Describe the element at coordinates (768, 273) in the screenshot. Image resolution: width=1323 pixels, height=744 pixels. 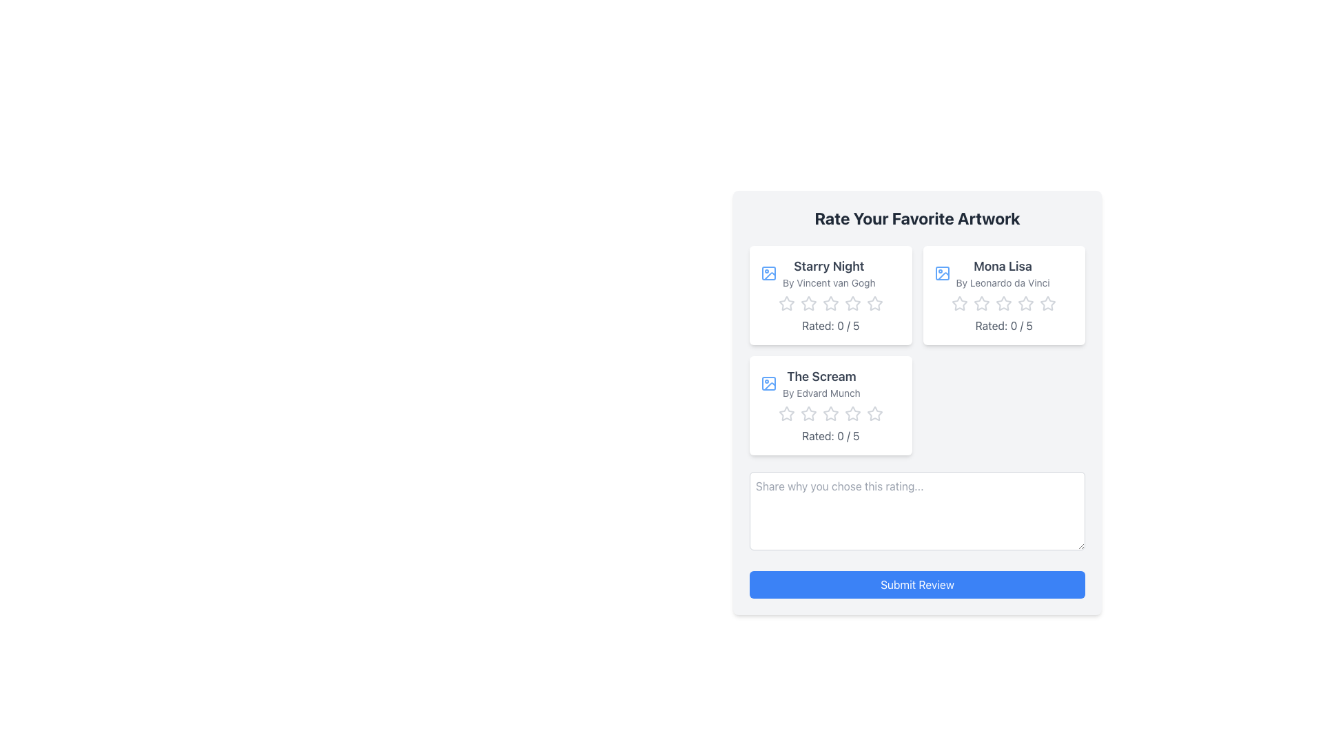
I see `the Decorative SVG shape, a square-shaped icon with rounded corners, outlined in colorless, located on the left side of 'The Scream' artwork card` at that location.